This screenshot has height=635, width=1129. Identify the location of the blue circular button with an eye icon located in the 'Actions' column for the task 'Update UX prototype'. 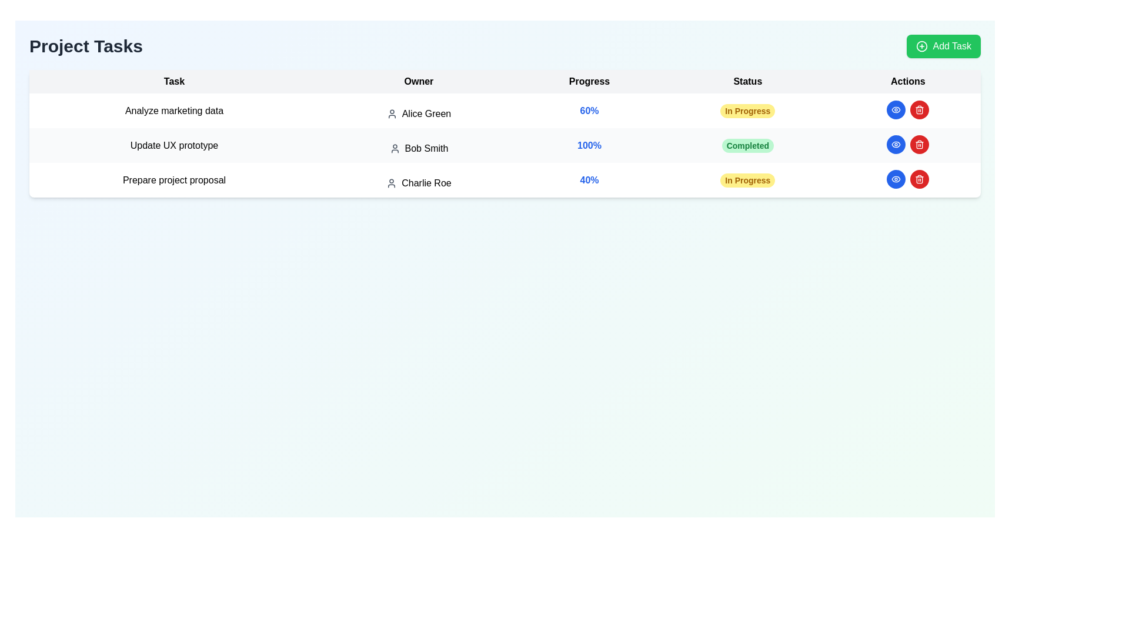
(896, 179).